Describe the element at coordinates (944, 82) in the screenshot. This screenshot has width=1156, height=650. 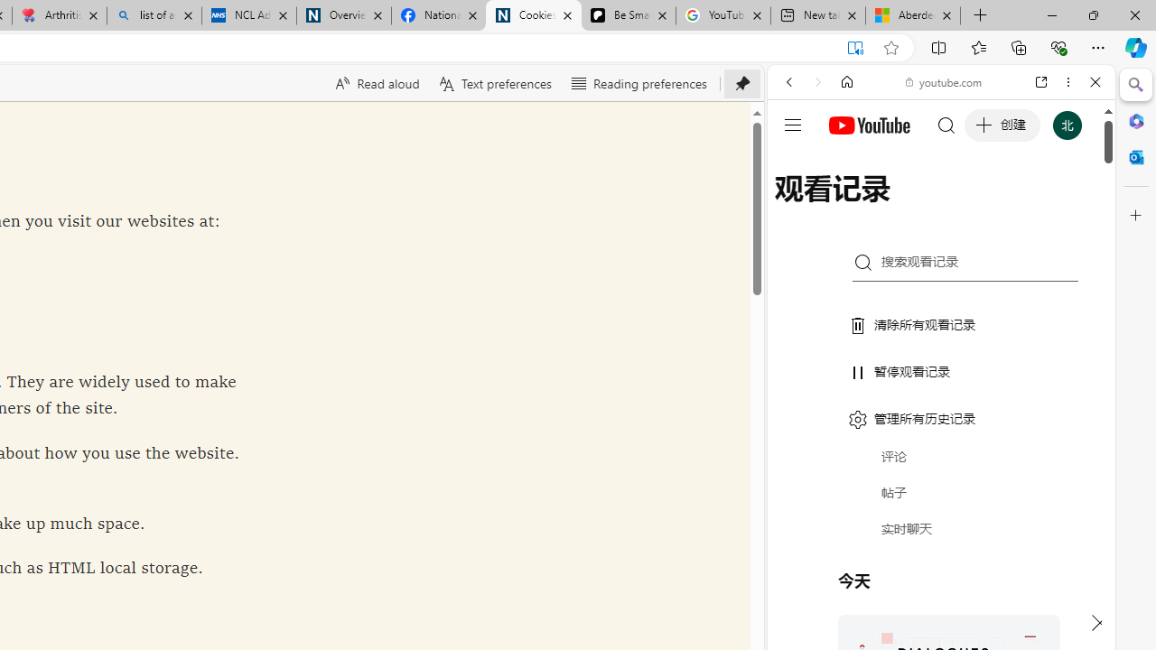
I see `'youtube.com'` at that location.